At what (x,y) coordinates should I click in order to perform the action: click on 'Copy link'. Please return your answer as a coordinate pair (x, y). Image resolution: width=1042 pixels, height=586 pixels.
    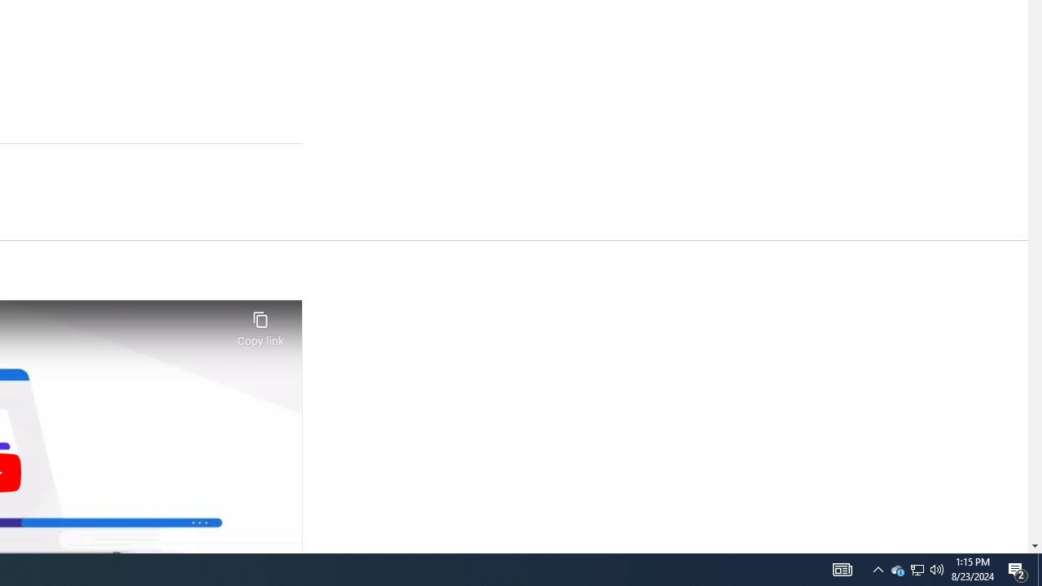
    Looking at the image, I should click on (260, 324).